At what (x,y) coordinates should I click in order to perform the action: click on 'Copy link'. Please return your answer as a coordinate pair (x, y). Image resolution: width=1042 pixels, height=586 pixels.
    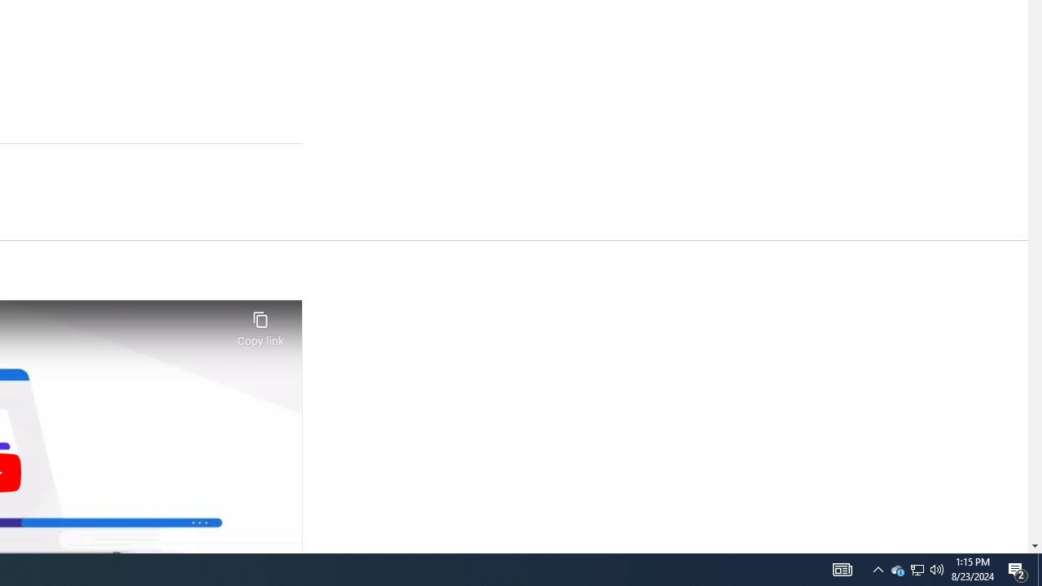
    Looking at the image, I should click on (260, 324).